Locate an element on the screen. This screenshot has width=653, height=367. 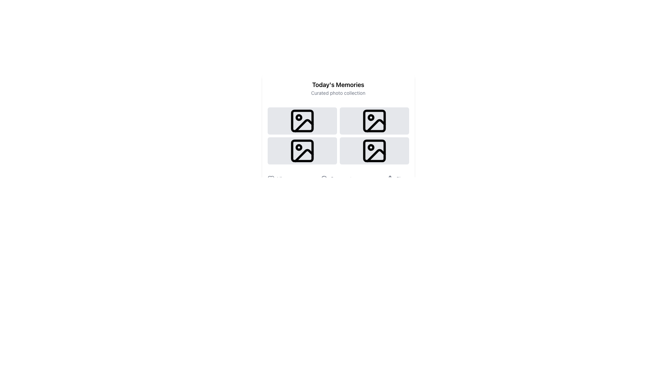
the bold text element displaying 'Today's Memories' that is positioned prominently at the top of its section is located at coordinates (338, 85).